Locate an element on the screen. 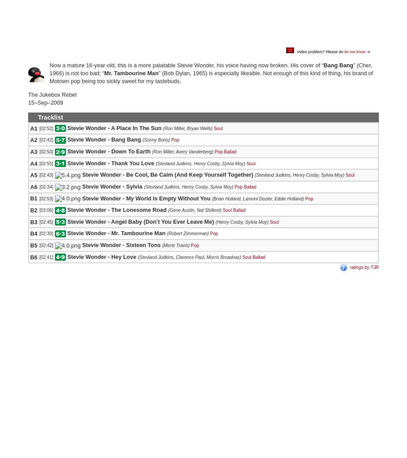 Image resolution: width=407 pixels, height=458 pixels. 'Stevie Wonder - Sixteen Tons' is located at coordinates (121, 244).